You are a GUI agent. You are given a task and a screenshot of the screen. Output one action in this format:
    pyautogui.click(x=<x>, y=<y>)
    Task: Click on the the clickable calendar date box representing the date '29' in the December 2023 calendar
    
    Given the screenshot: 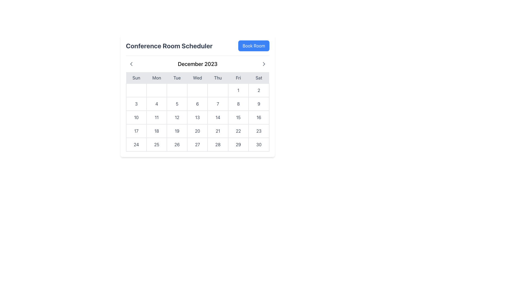 What is the action you would take?
    pyautogui.click(x=238, y=144)
    